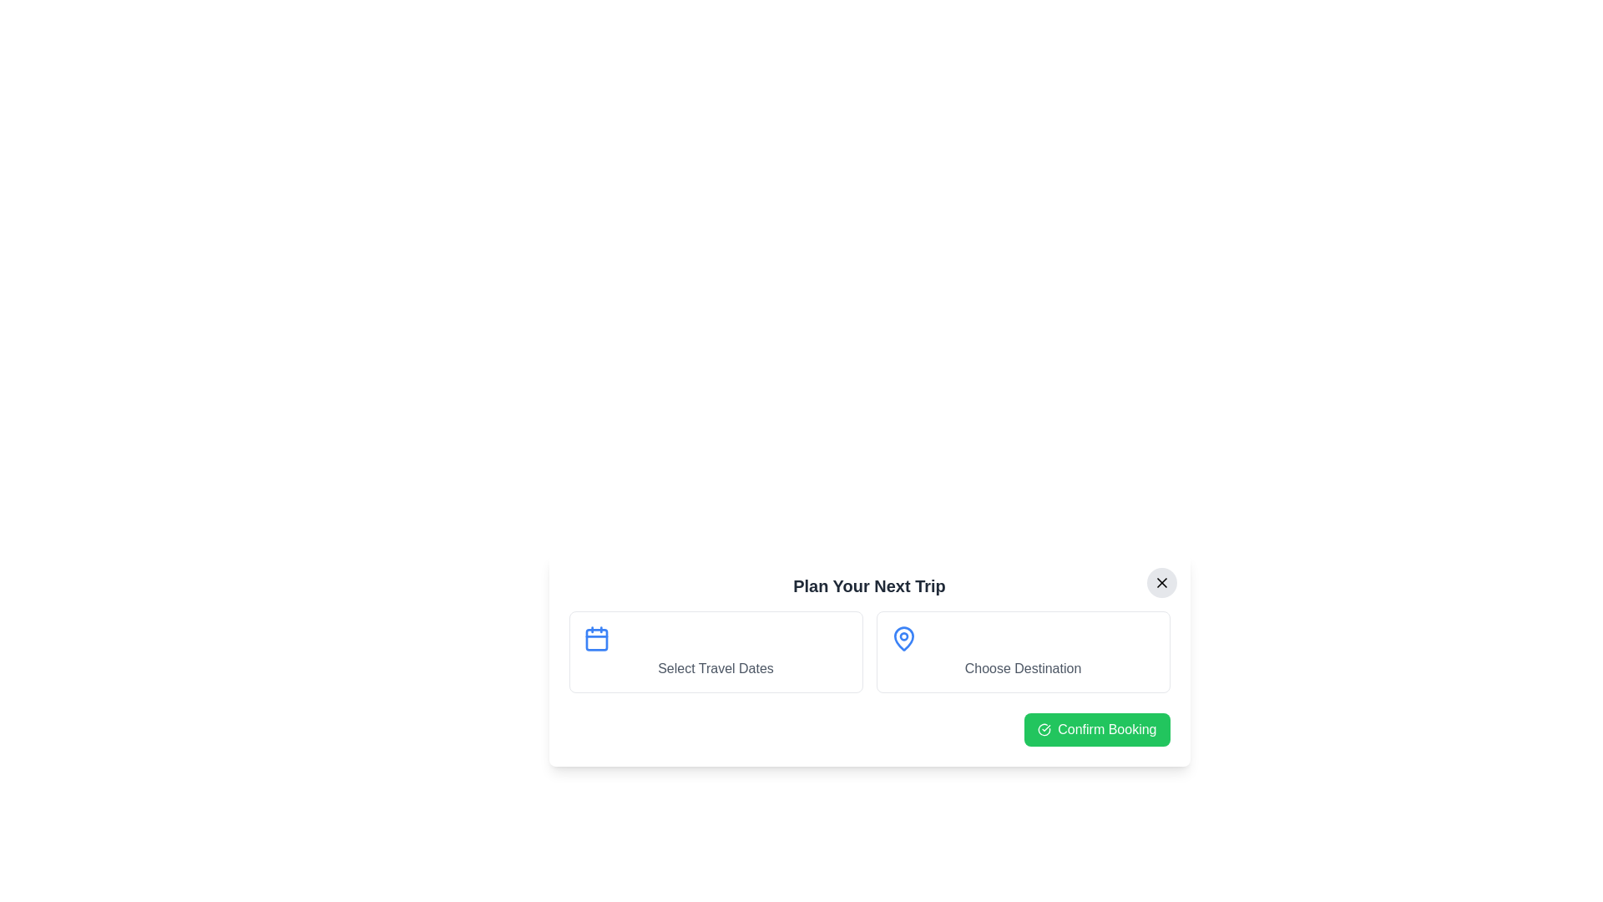 The height and width of the screenshot is (902, 1603). I want to click on the 'Select Travel Dates' card to initiate the date selection, so click(716, 651).